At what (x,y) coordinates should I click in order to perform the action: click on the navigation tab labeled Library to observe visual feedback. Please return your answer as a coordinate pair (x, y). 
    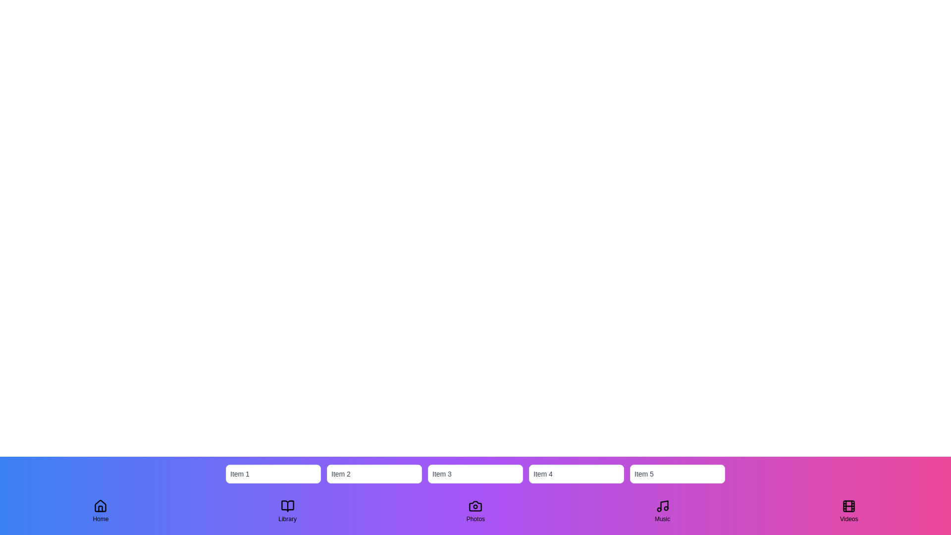
    Looking at the image, I should click on (287, 511).